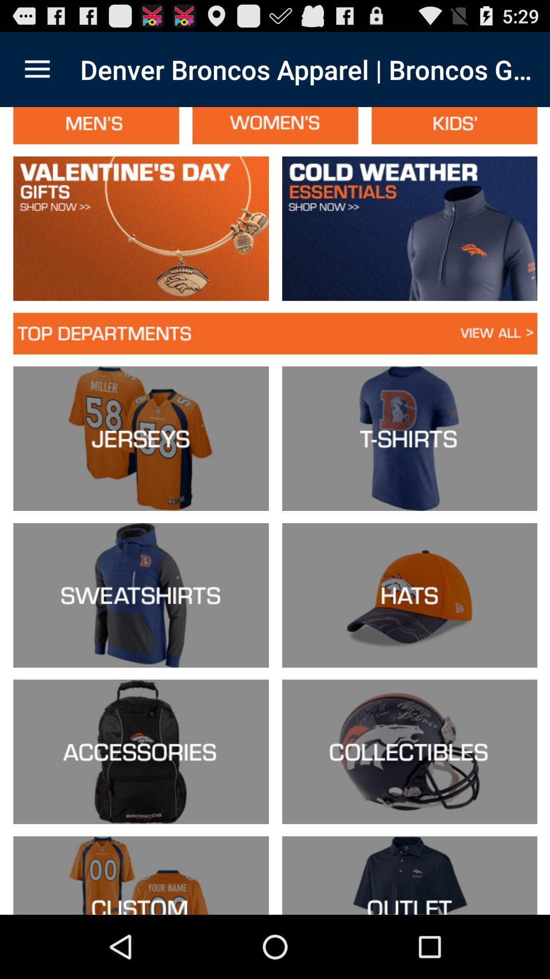  I want to click on the icon at the top left corner, so click(37, 69).